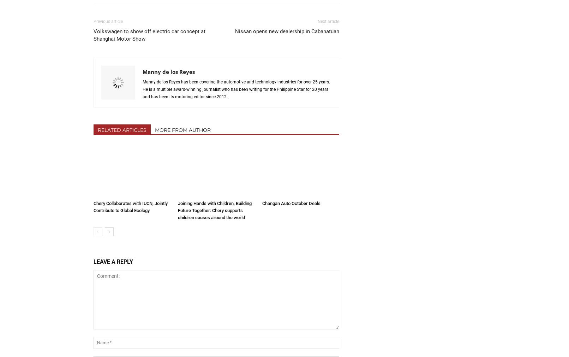  I want to click on 'MORE FROM AUTHOR', so click(182, 130).